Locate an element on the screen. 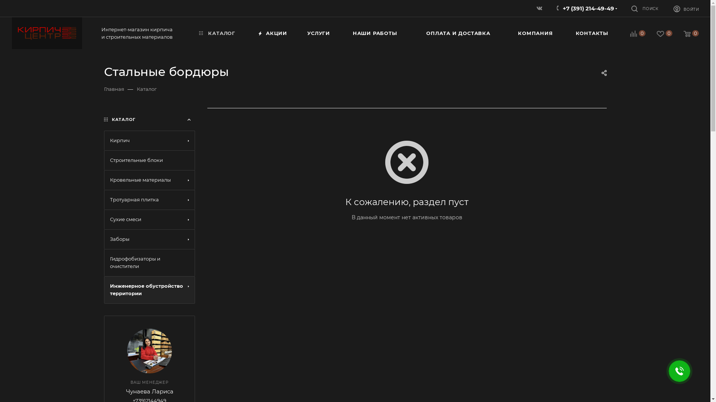  '0' is located at coordinates (659, 34).